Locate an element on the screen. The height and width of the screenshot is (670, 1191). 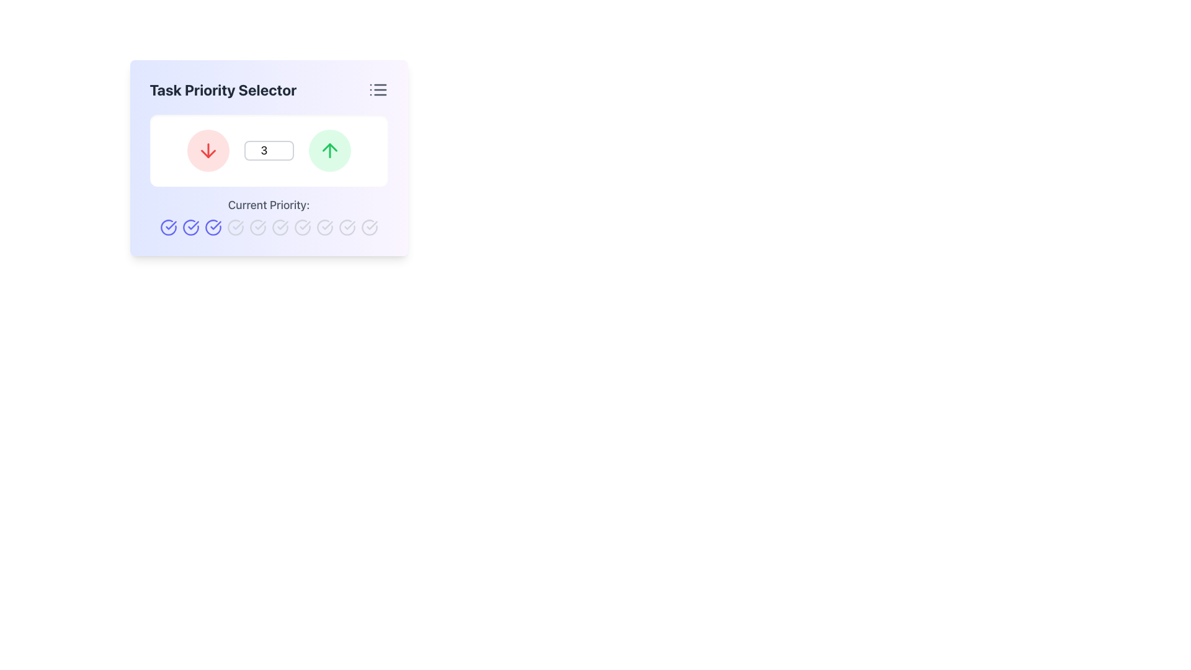
the upward arrow icon within the green circular button located at the top-right side of the interface to increase the priority level is located at coordinates (329, 146).